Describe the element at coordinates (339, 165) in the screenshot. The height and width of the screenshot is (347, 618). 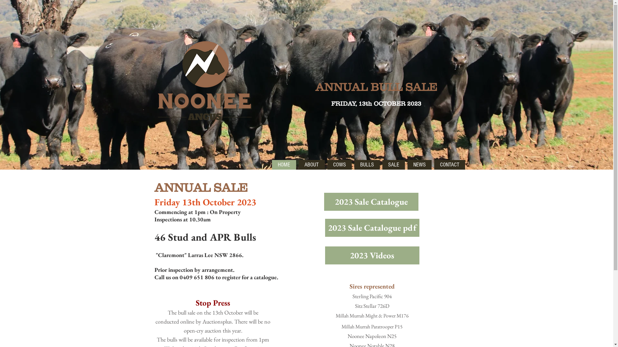
I see `'COWS'` at that location.